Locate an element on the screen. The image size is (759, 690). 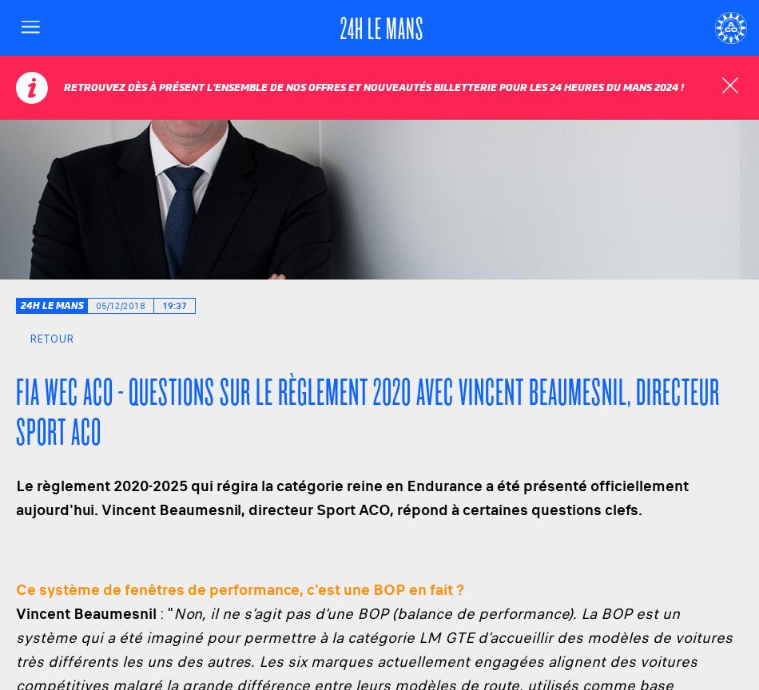
'24h Le Mans' is located at coordinates (52, 305).